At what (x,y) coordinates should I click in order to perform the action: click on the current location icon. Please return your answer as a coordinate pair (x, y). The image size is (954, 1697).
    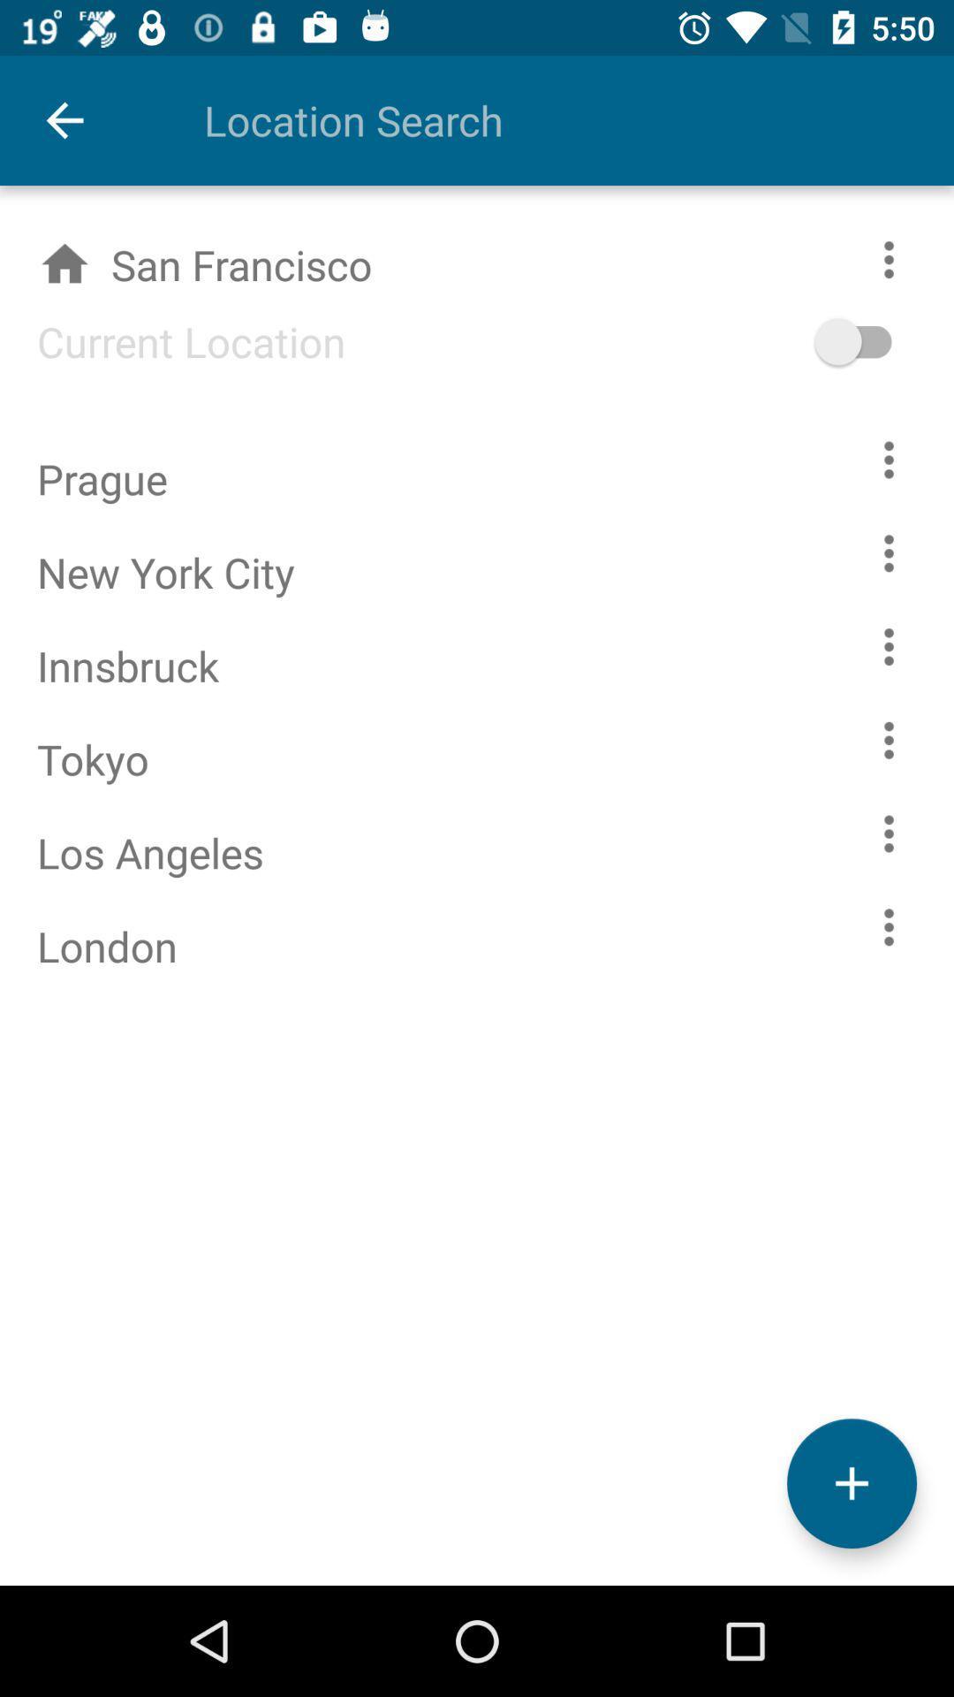
    Looking at the image, I should click on (172, 341).